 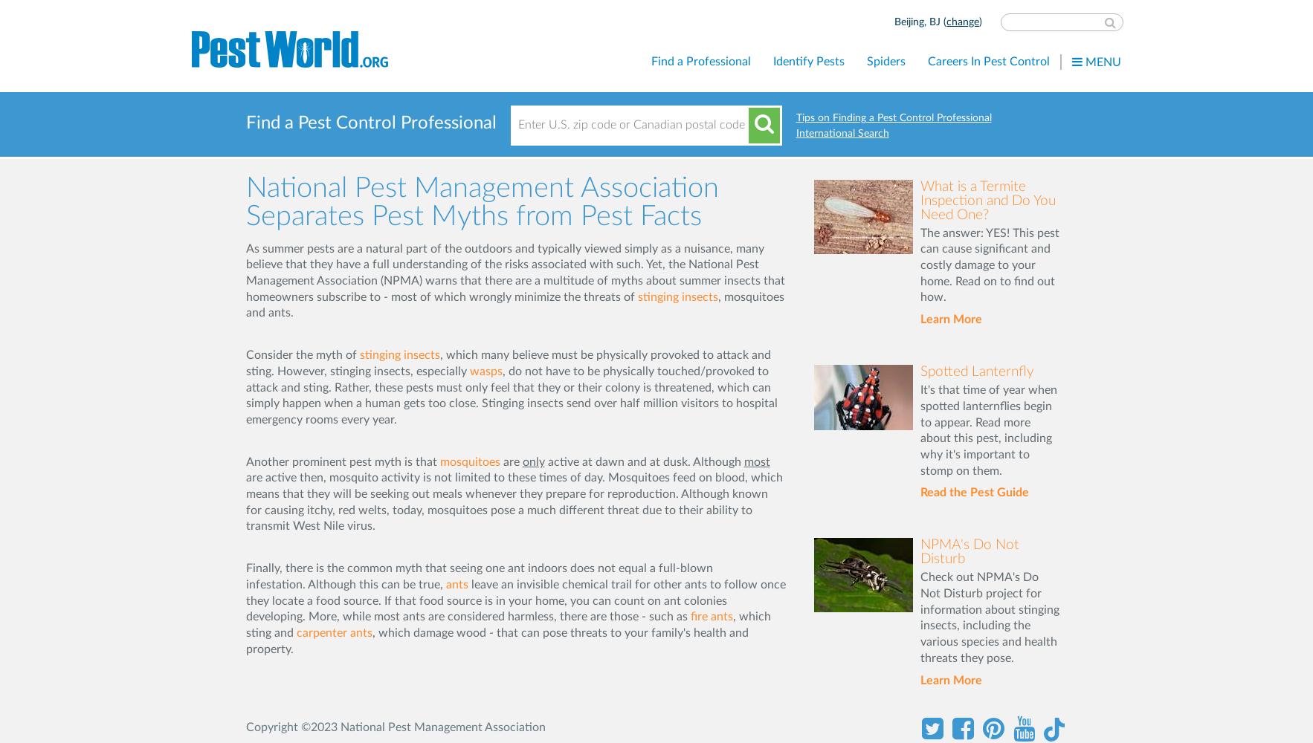 What do you see at coordinates (532, 461) in the screenshot?
I see `'only'` at bounding box center [532, 461].